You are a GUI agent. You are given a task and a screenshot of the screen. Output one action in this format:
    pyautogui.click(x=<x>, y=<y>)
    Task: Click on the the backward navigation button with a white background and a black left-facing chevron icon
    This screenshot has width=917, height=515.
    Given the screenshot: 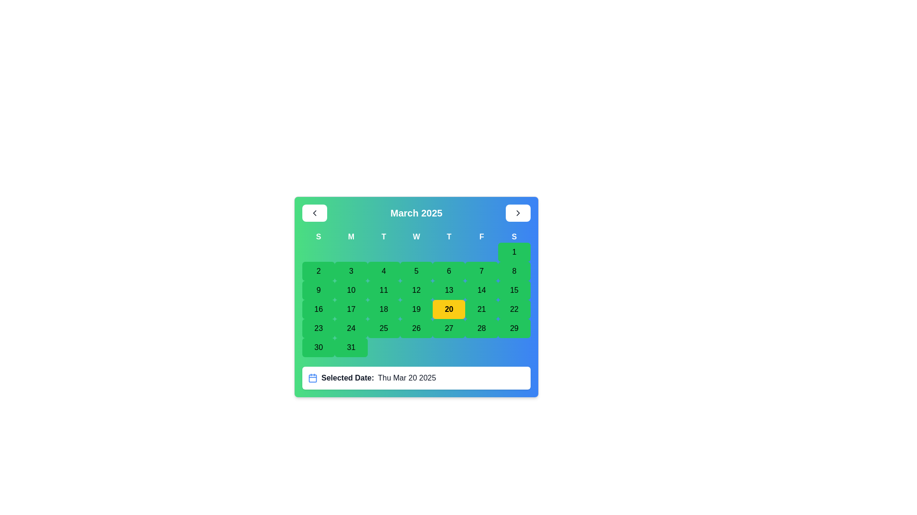 What is the action you would take?
    pyautogui.click(x=314, y=213)
    